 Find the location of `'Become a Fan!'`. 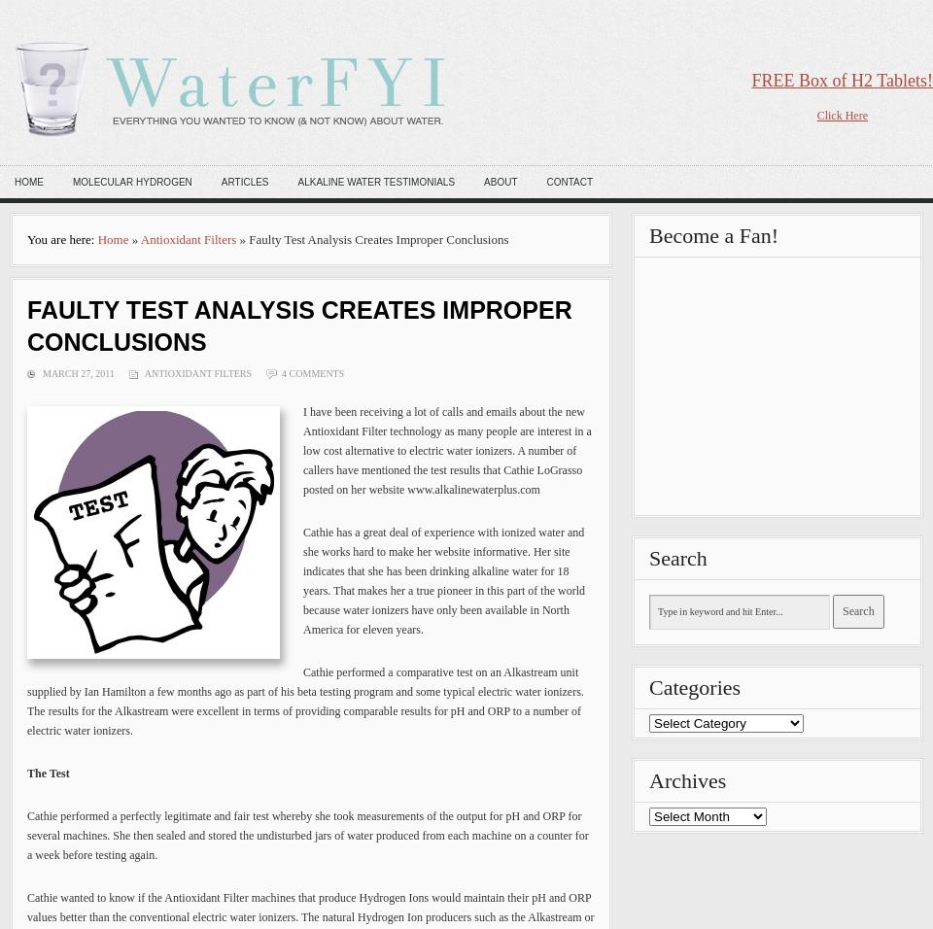

'Become a Fan!' is located at coordinates (648, 234).